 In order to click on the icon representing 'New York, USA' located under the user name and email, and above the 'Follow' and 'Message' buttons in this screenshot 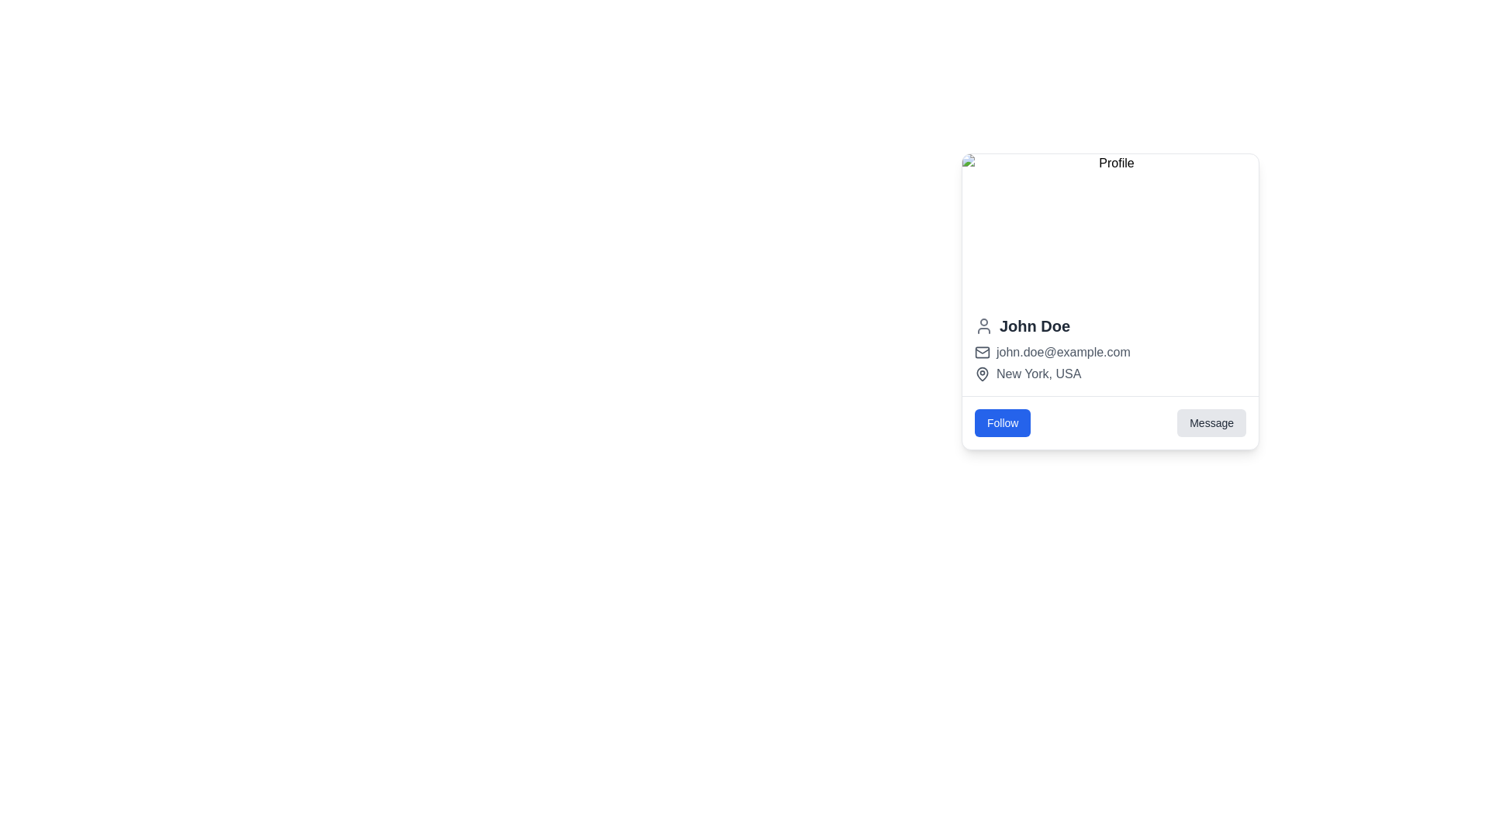, I will do `click(982, 374)`.